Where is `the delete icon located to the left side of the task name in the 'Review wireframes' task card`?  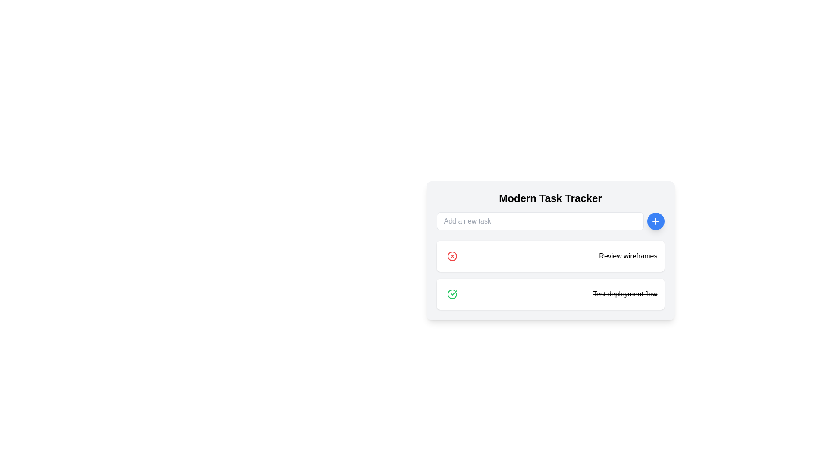
the delete icon located to the left side of the task name in the 'Review wireframes' task card is located at coordinates (452, 256).